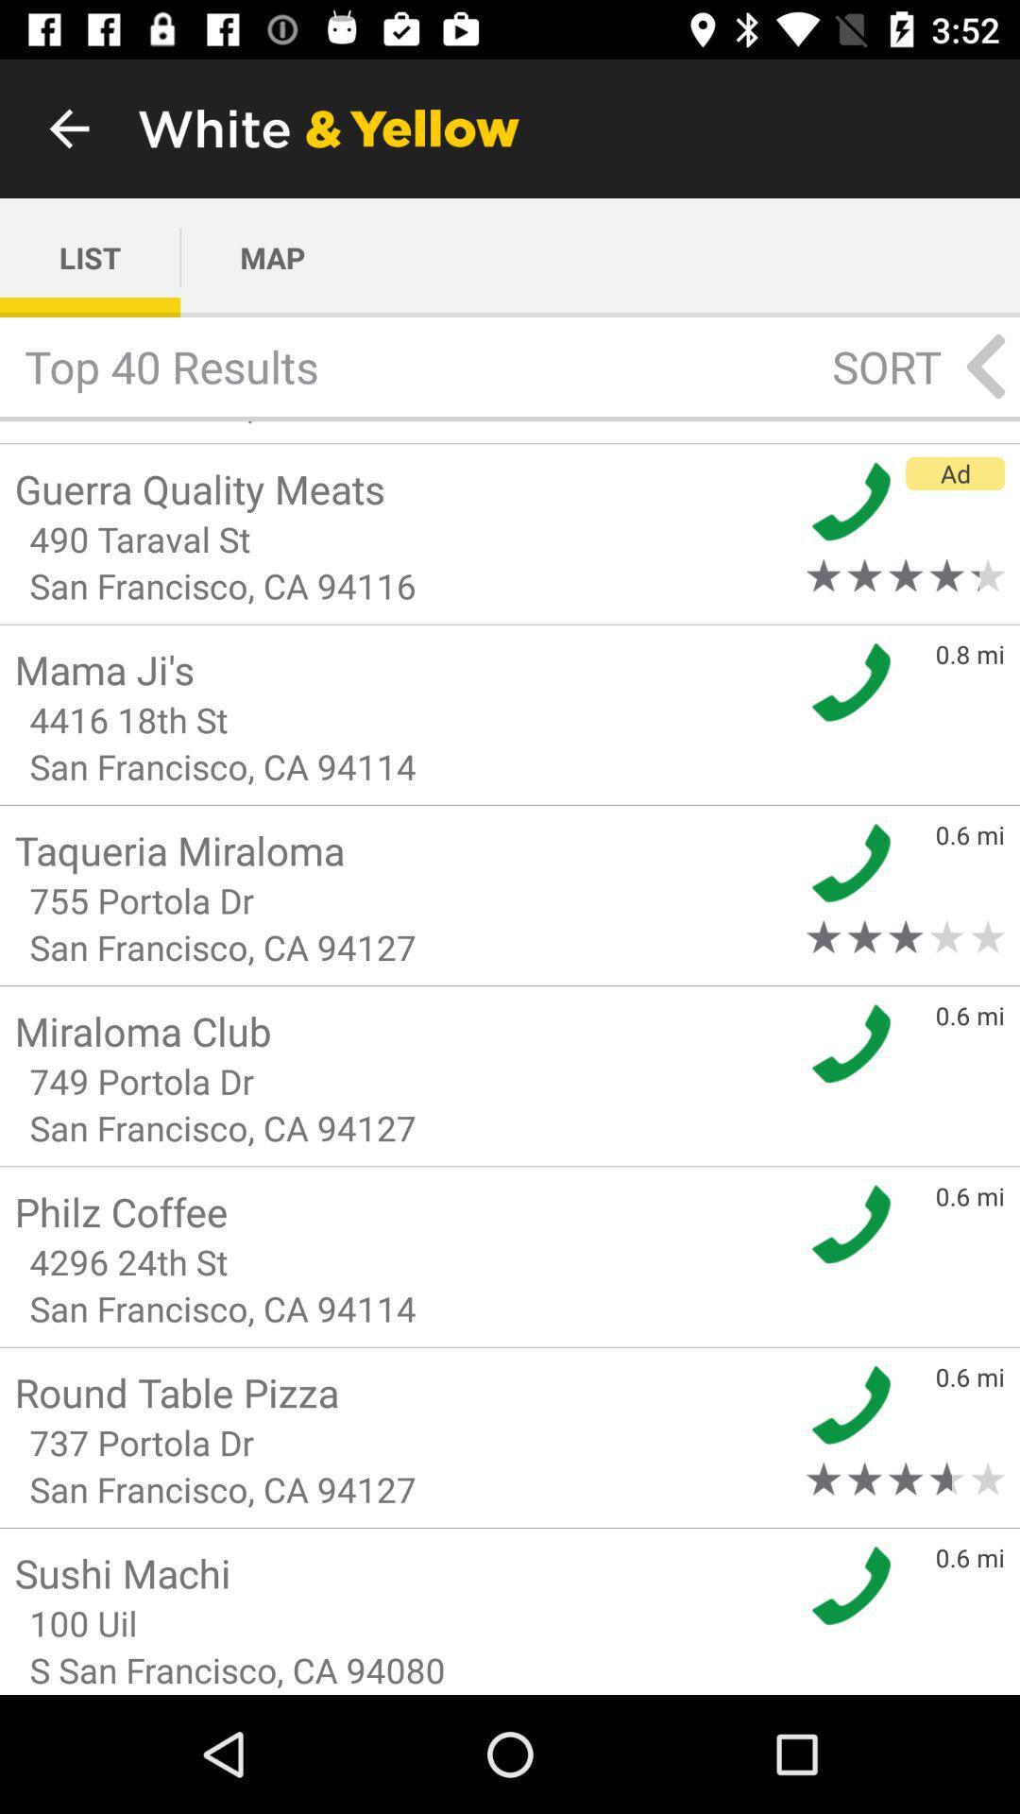  Describe the element at coordinates (985, 367) in the screenshot. I see `the arrow_backward icon` at that location.